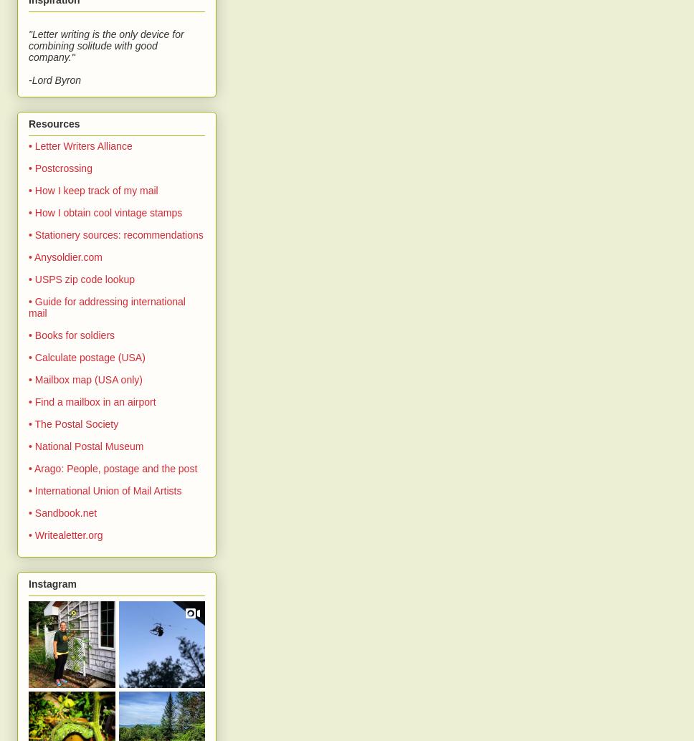 The image size is (694, 741). I want to click on '• Arago: People, postage and the post', so click(112, 467).